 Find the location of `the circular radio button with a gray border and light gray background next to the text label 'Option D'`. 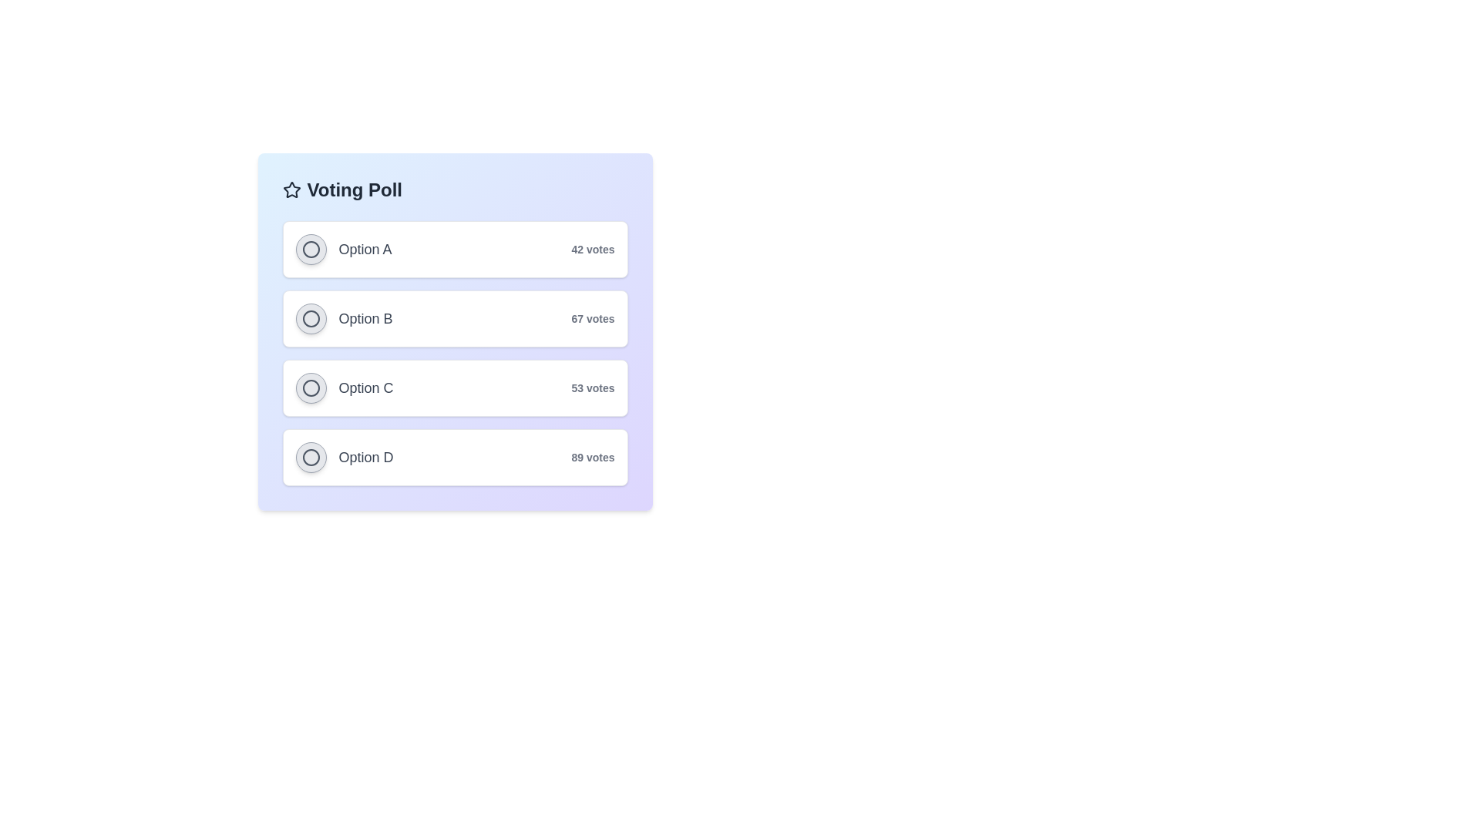

the circular radio button with a gray border and light gray background next to the text label 'Option D' is located at coordinates (310, 457).